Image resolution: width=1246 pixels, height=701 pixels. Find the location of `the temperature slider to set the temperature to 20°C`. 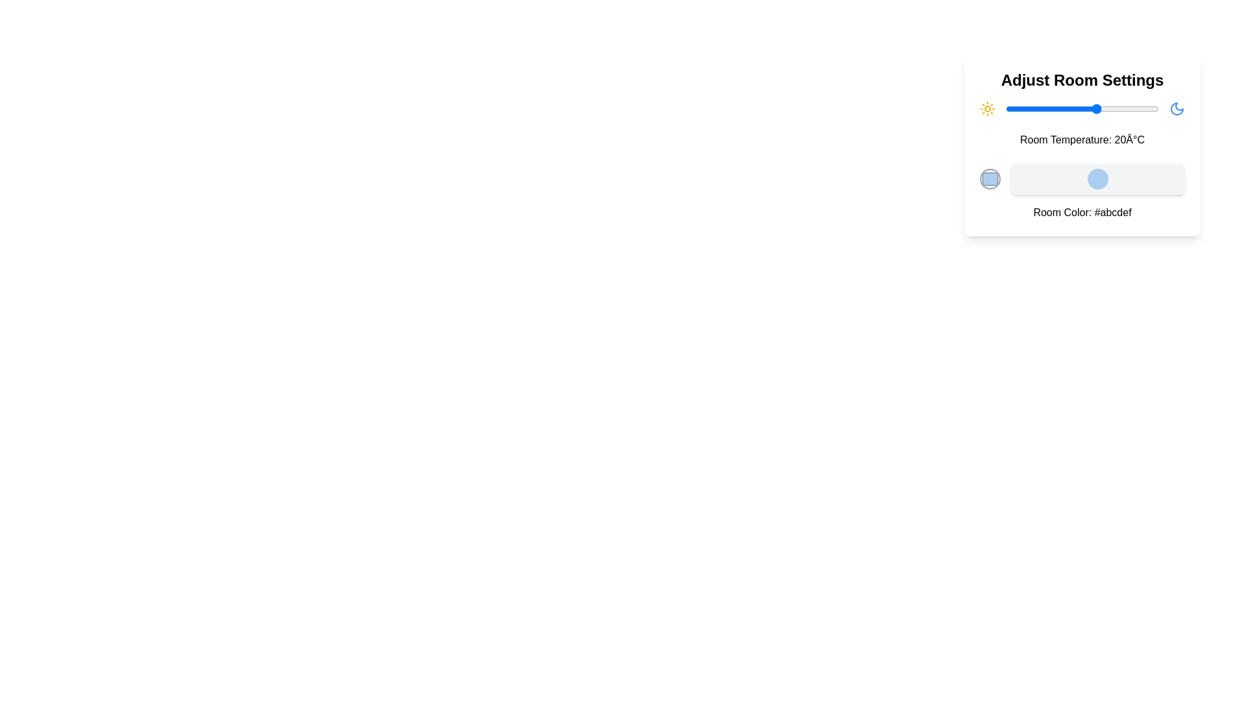

the temperature slider to set the temperature to 20°C is located at coordinates (1097, 108).